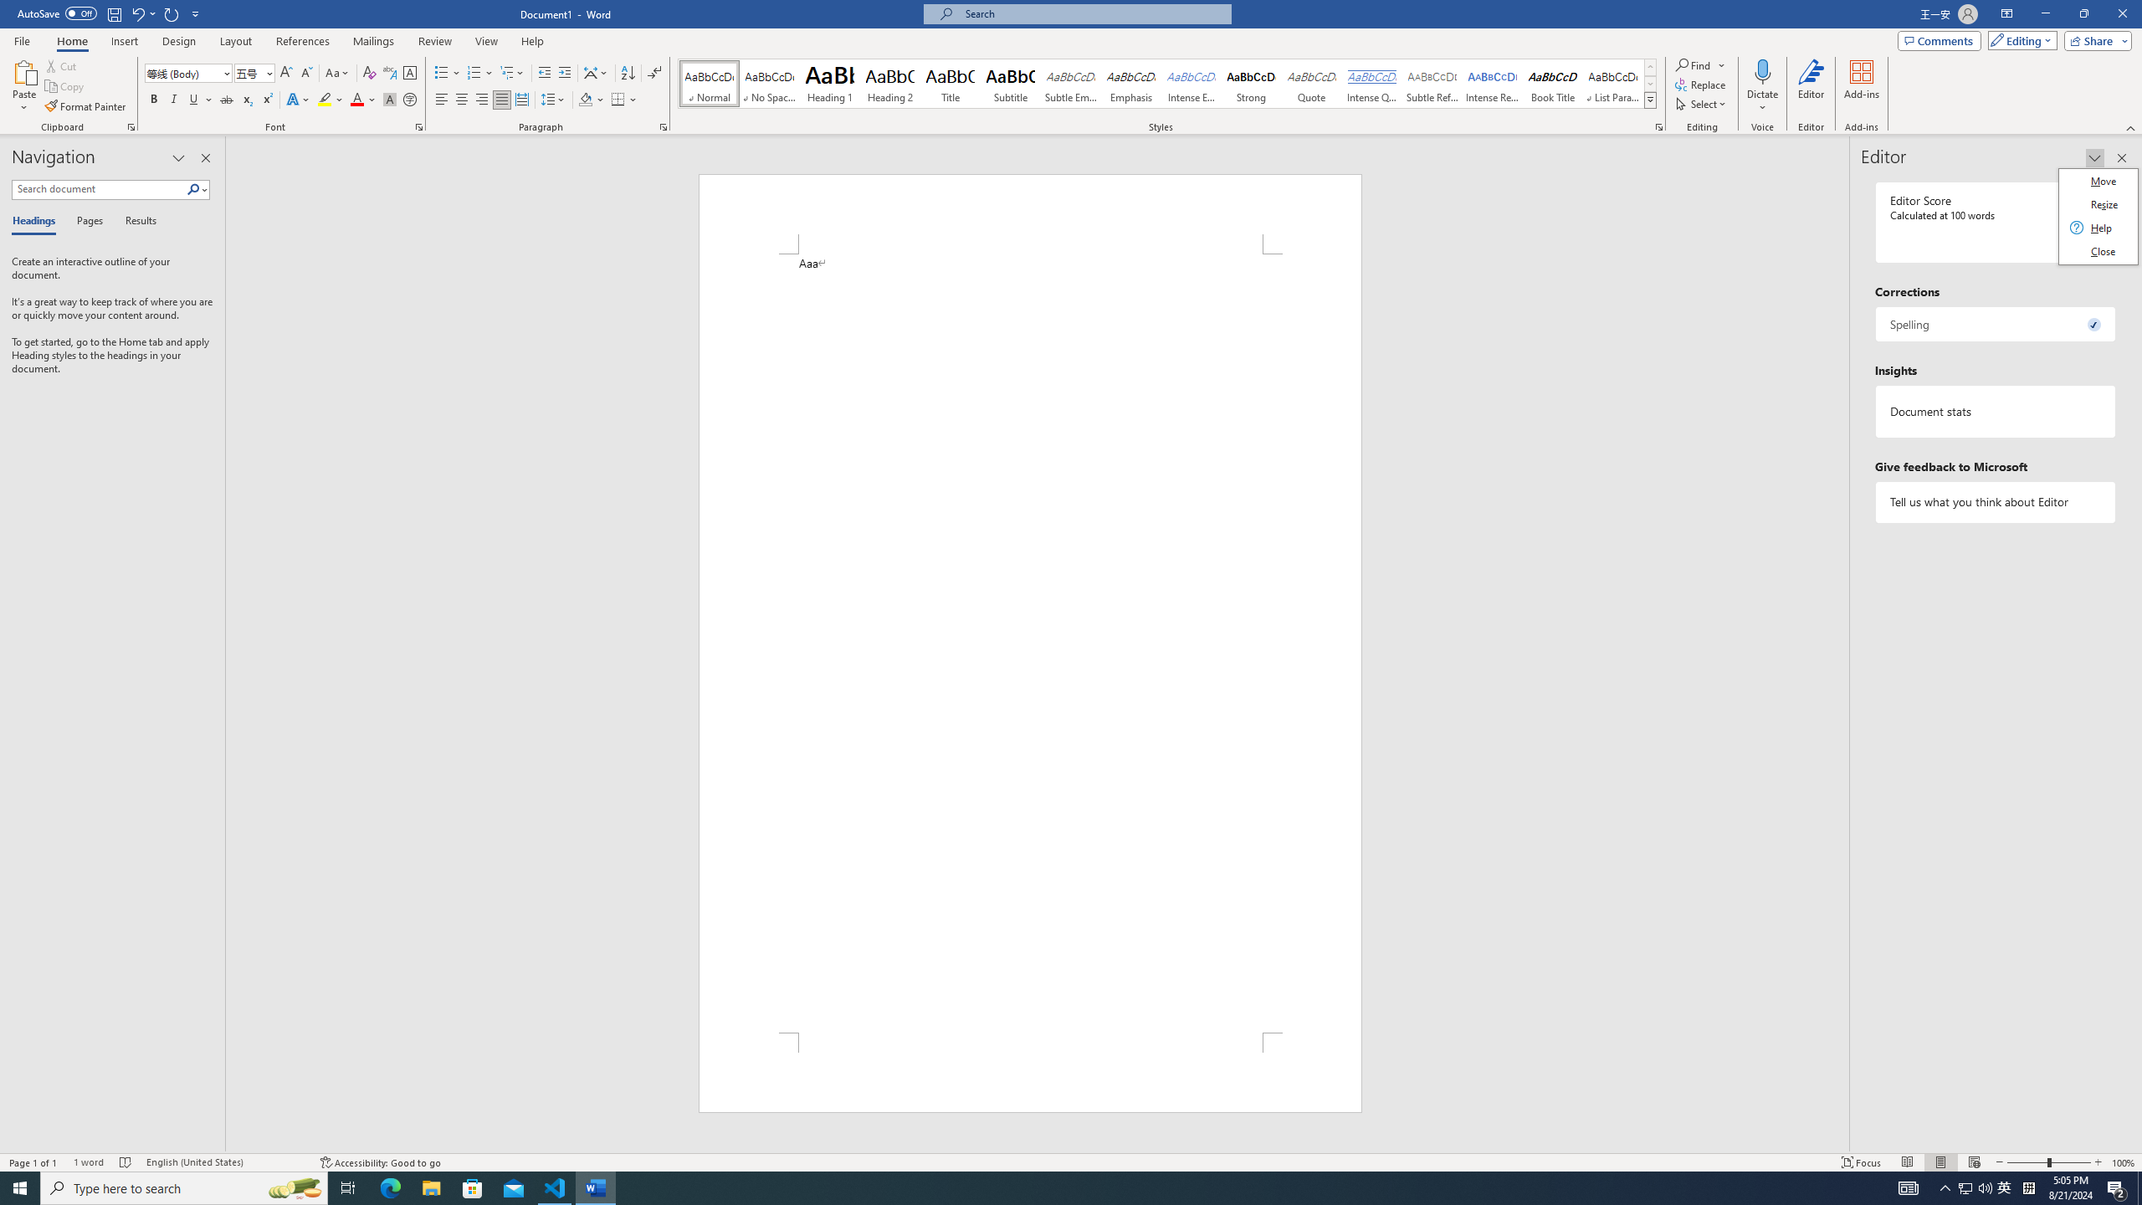  Describe the element at coordinates (430, 1187) in the screenshot. I see `'File Explorer'` at that location.